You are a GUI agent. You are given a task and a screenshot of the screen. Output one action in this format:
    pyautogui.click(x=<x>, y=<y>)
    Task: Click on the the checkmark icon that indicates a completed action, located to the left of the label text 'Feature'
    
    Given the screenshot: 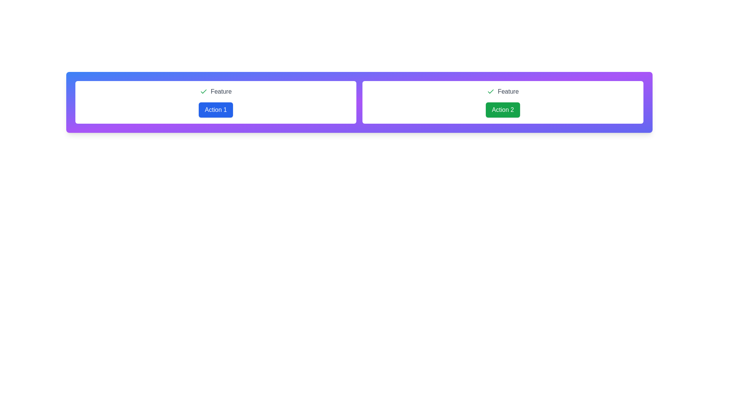 What is the action you would take?
    pyautogui.click(x=204, y=91)
    